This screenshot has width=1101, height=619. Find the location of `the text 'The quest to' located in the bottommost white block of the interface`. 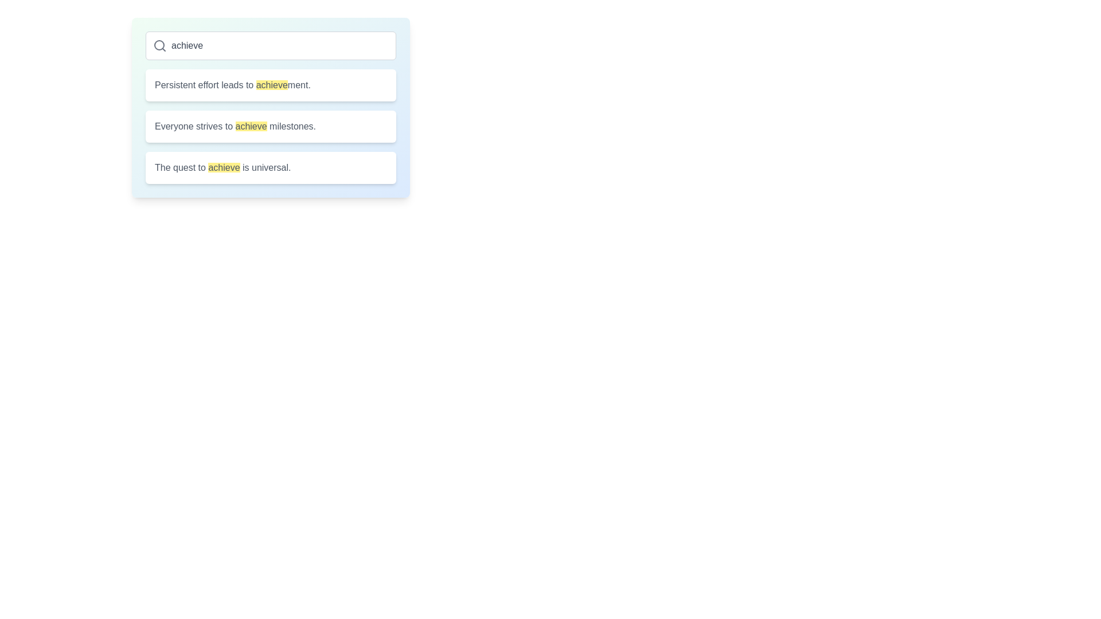

the text 'The quest to' located in the bottommost white block of the interface is located at coordinates (181, 167).